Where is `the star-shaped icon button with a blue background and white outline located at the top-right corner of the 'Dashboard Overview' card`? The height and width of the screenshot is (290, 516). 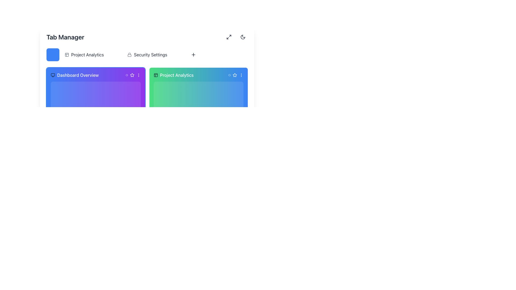
the star-shaped icon button with a blue background and white outline located at the top-right corner of the 'Dashboard Overview' card is located at coordinates (235, 75).